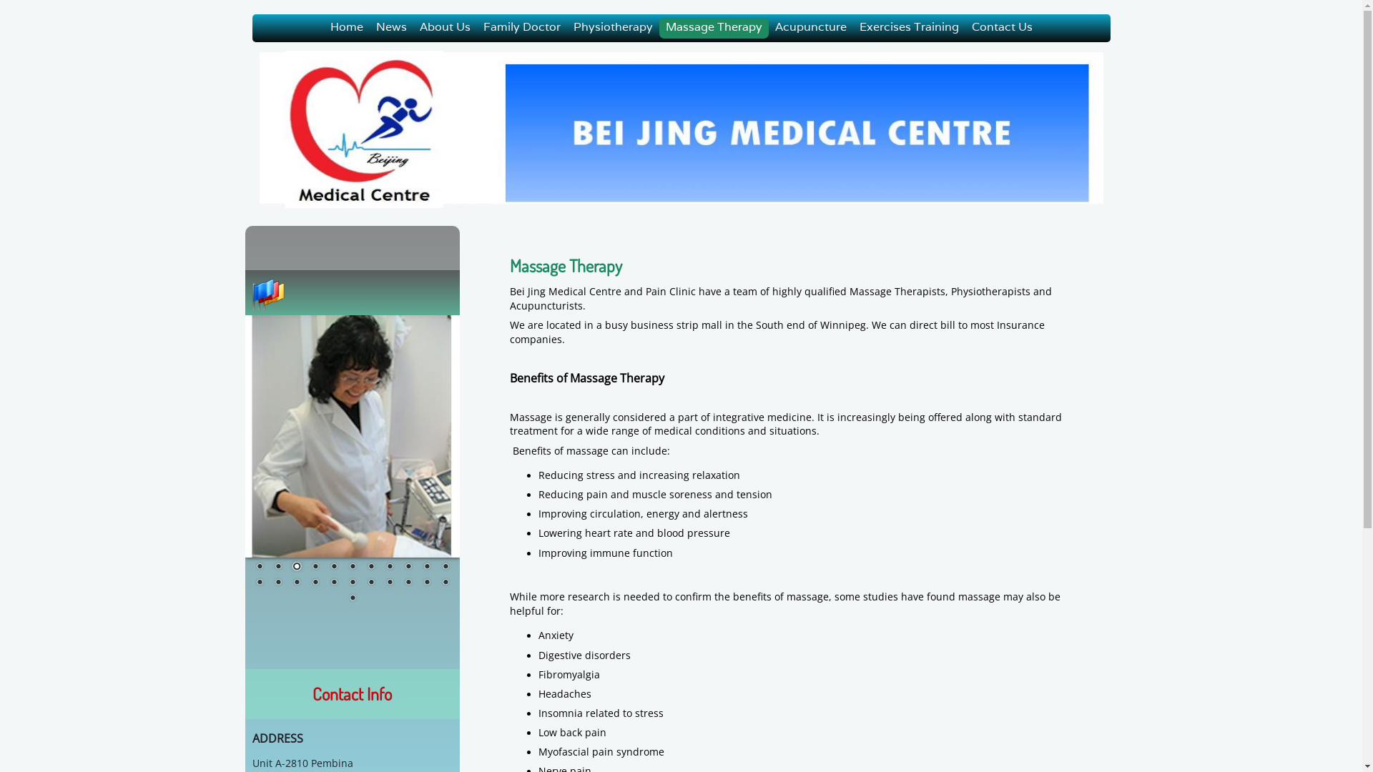 This screenshot has width=1373, height=772. Describe the element at coordinates (346, 28) in the screenshot. I see `'Home'` at that location.